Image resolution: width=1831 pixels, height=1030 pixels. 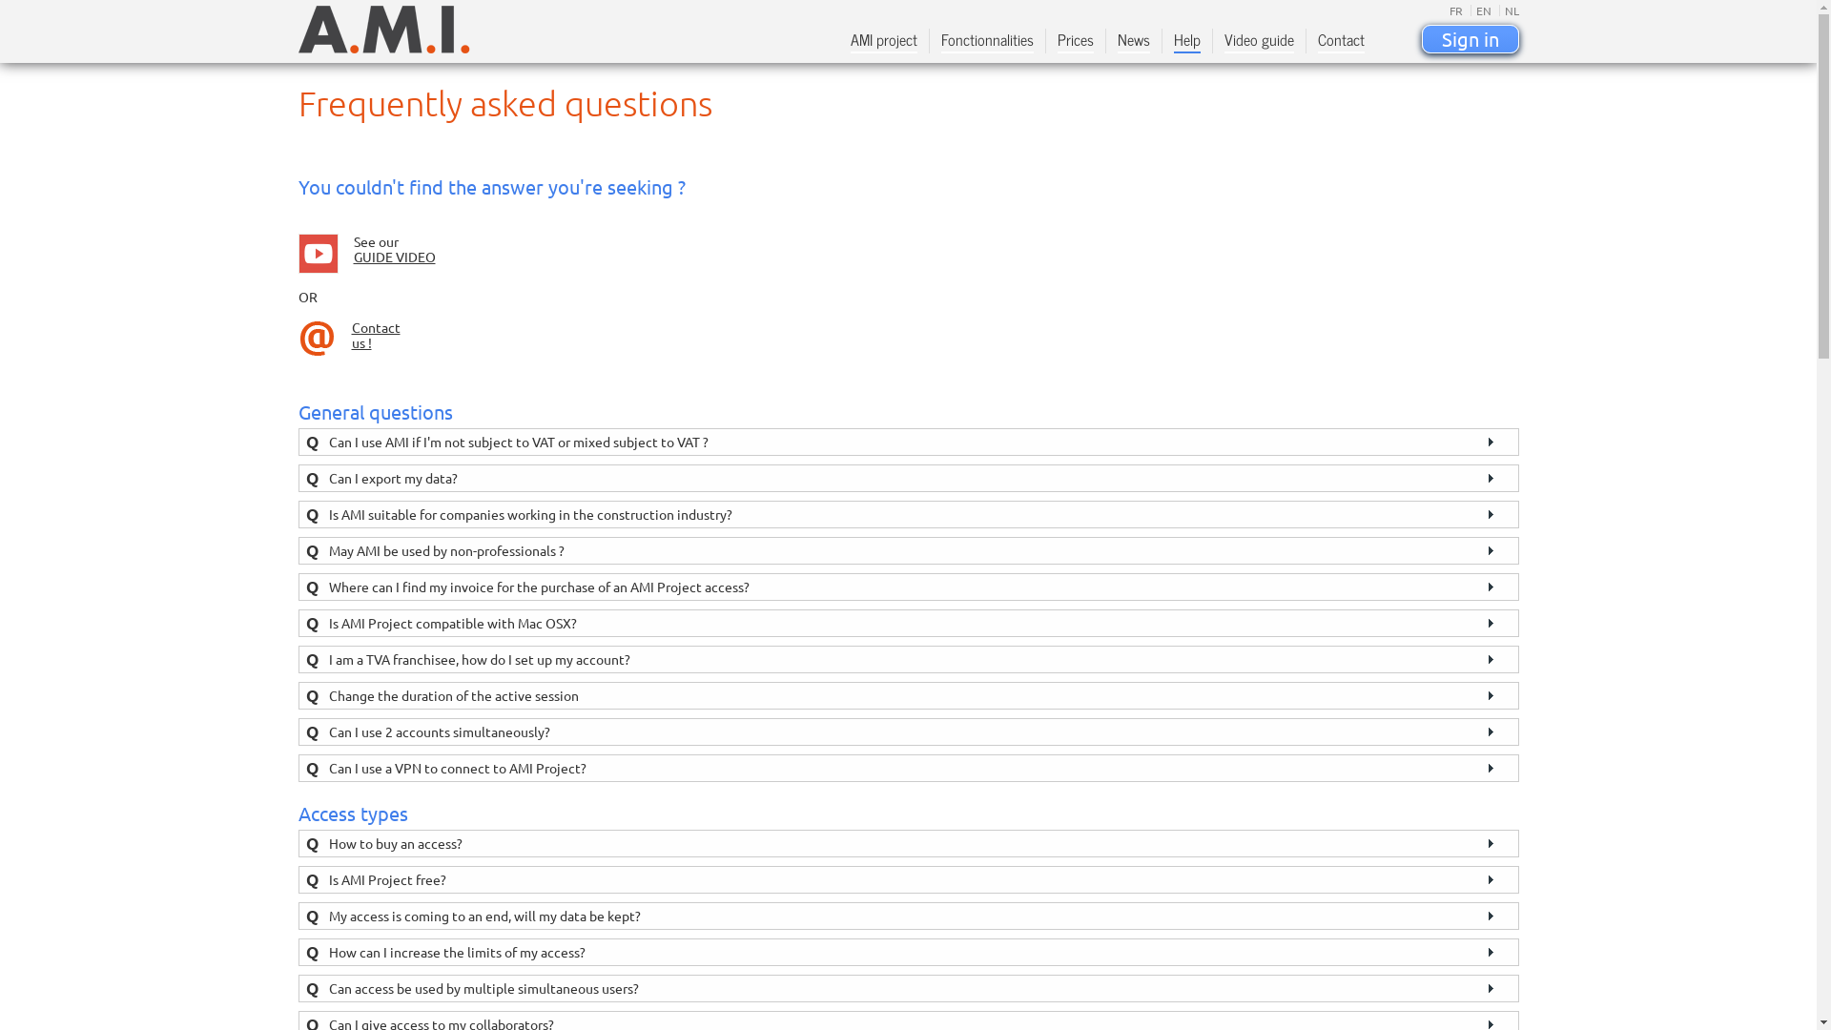 I want to click on 'Q Can access be used by multiple simultaneous users?', so click(x=906, y=987).